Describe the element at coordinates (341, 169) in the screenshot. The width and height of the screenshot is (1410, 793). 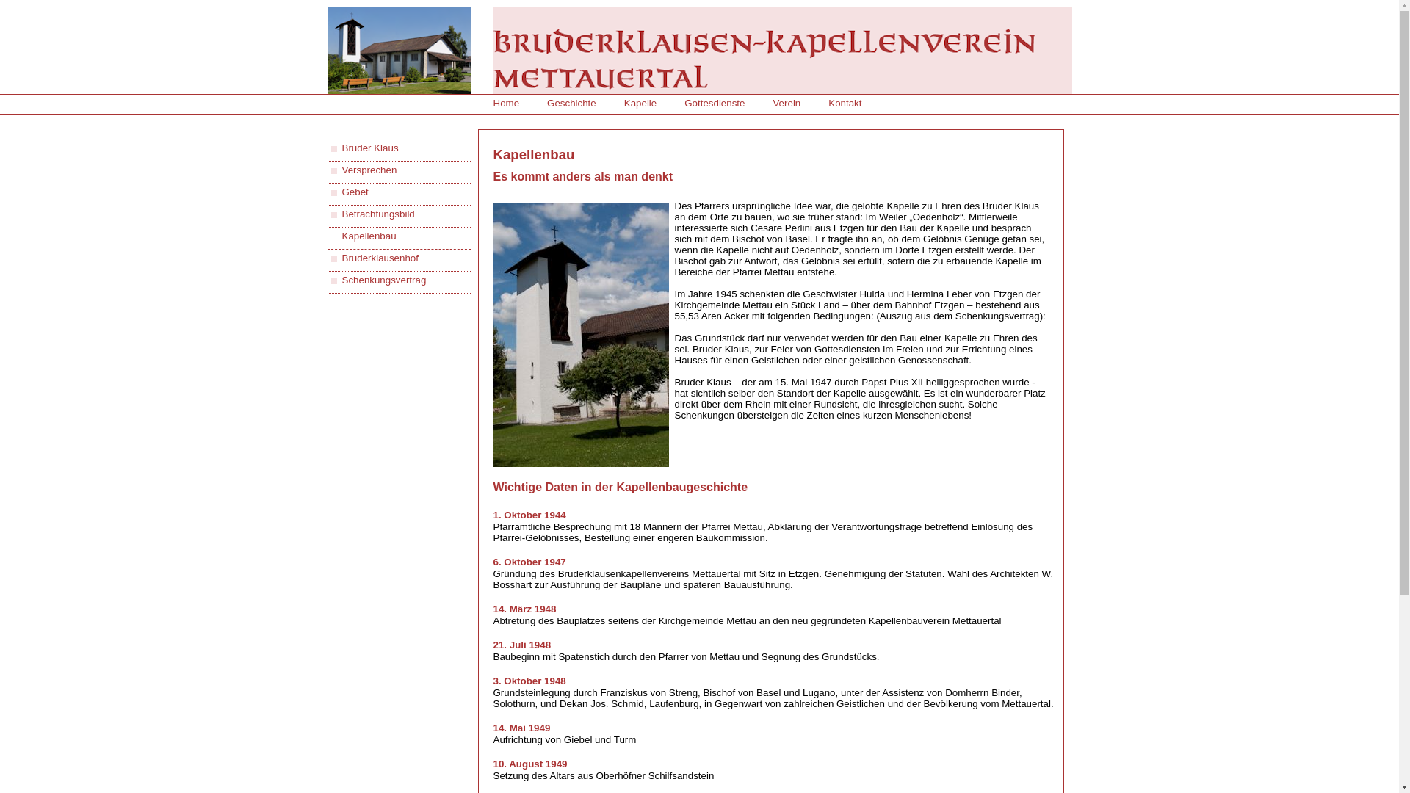
I see `'Versprechen'` at that location.